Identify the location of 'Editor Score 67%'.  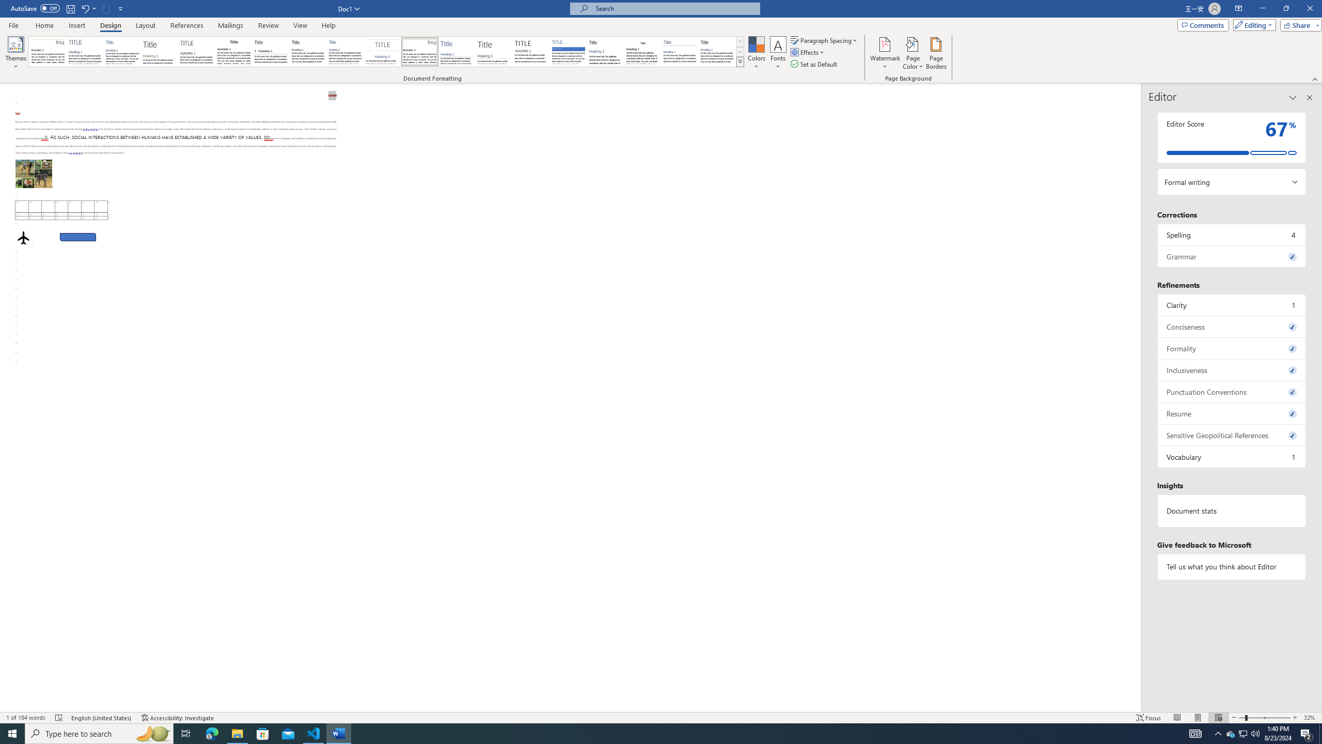
(1231, 137).